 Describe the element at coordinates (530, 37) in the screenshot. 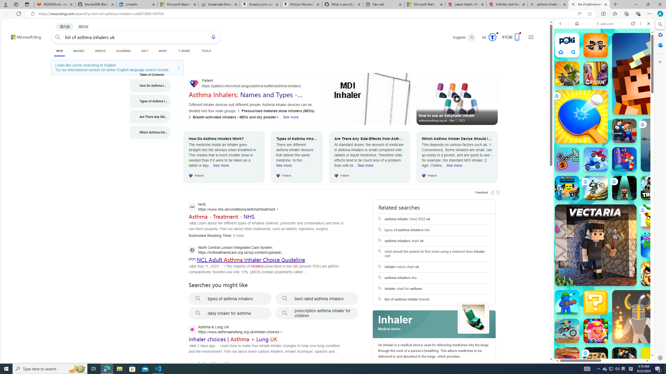

I see `'Settings and quick links'` at that location.